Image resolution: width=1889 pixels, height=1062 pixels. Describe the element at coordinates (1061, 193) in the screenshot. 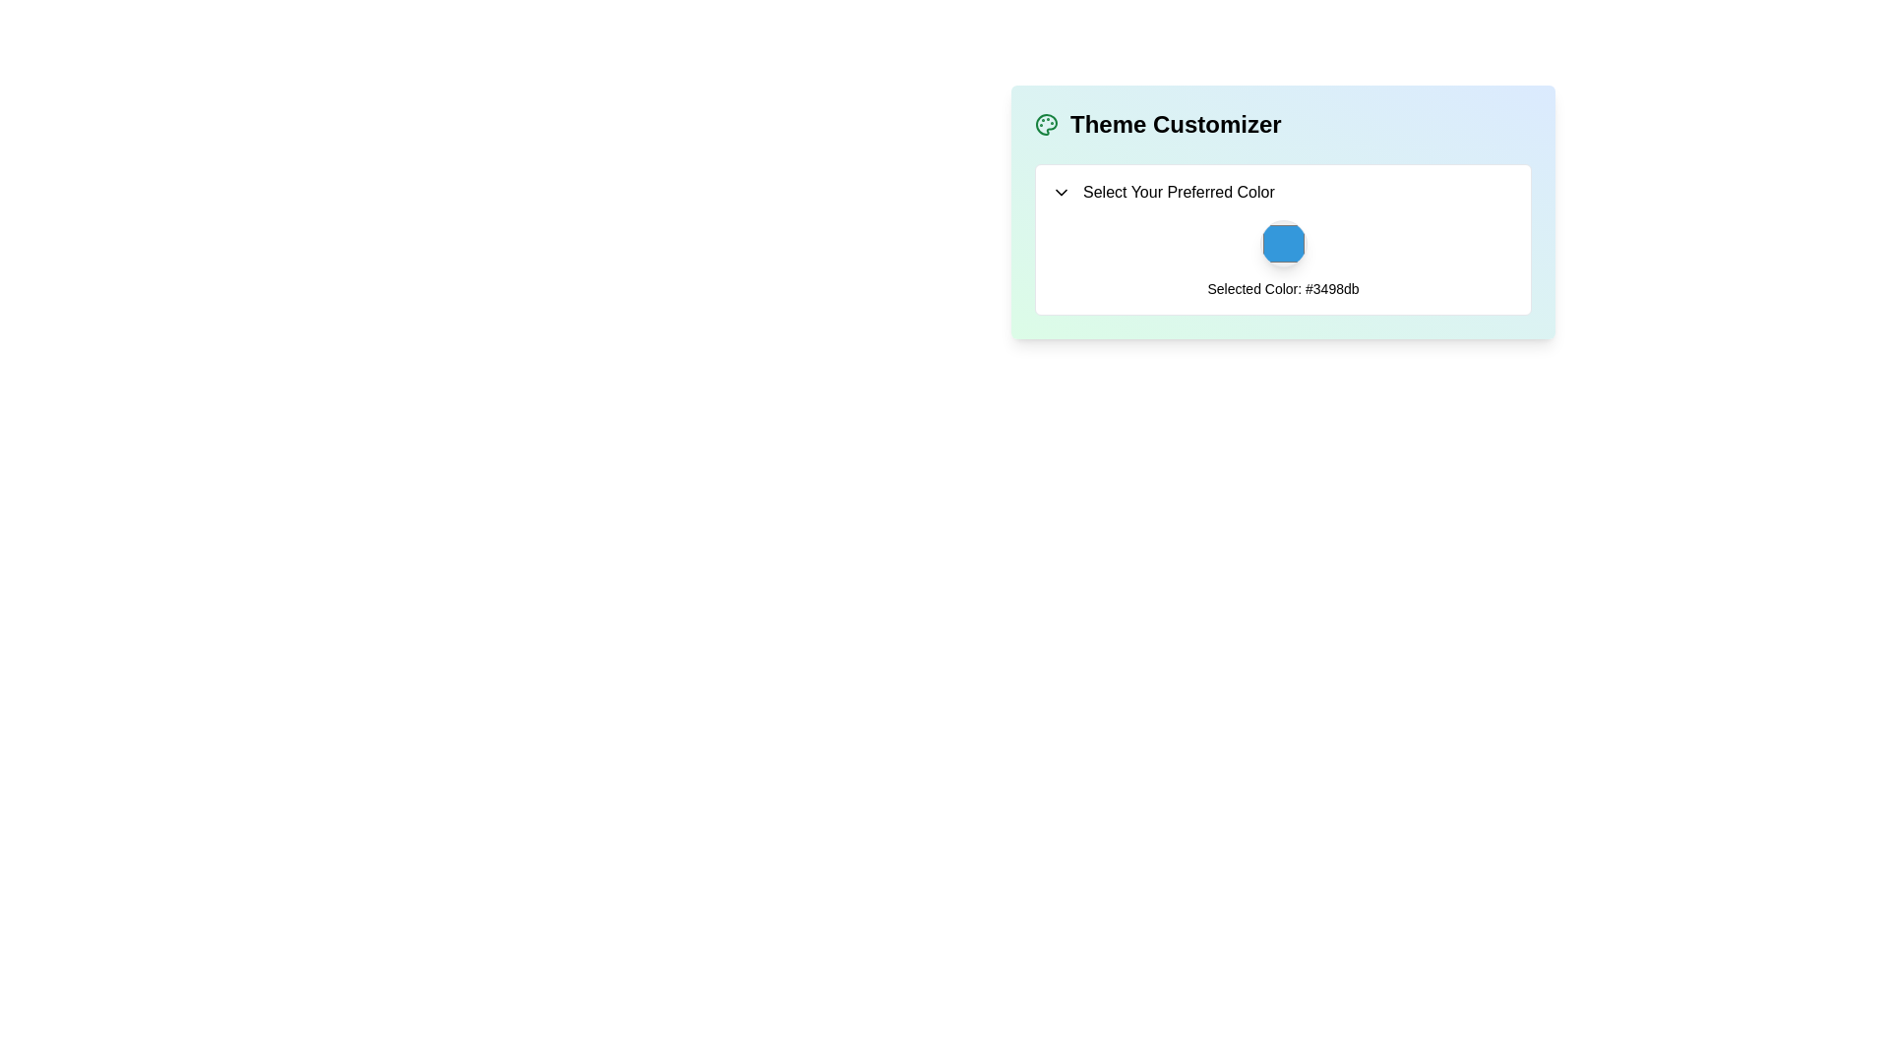

I see `the chevron icon located to the left of the 'Select Your Preferred Color' text` at that location.